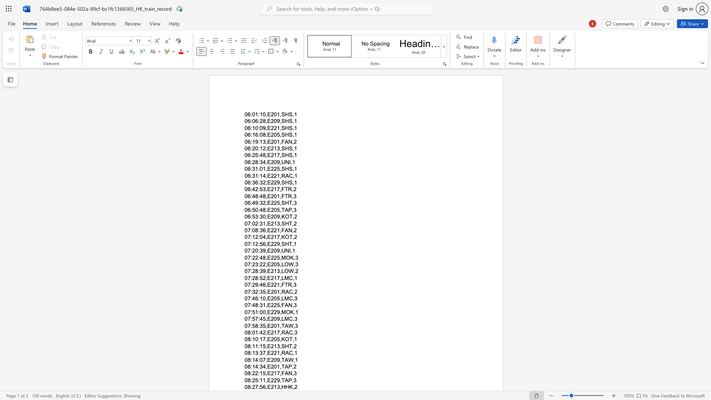  What do you see at coordinates (279, 380) in the screenshot?
I see `the space between the continuous character "9" and "," in the text` at bounding box center [279, 380].